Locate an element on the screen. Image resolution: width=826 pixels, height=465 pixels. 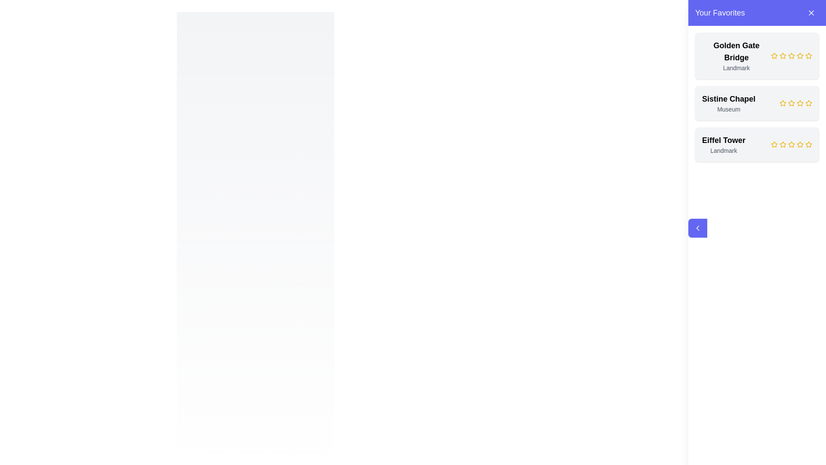
the second gold star-shaped icon is located at coordinates (800, 102).